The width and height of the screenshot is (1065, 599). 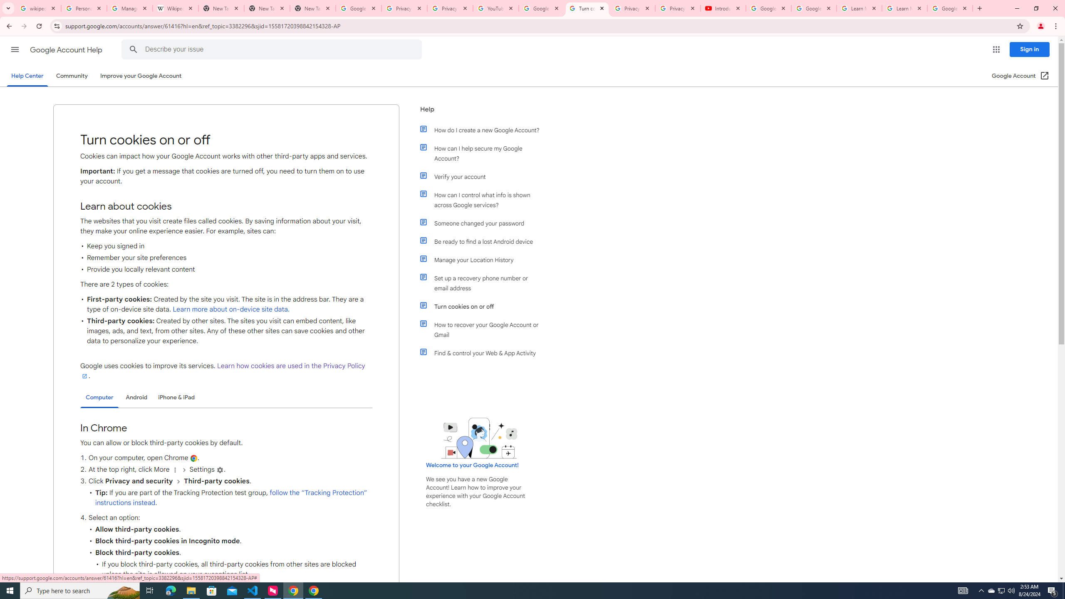 What do you see at coordinates (483, 306) in the screenshot?
I see `'Turn cookies on or off'` at bounding box center [483, 306].